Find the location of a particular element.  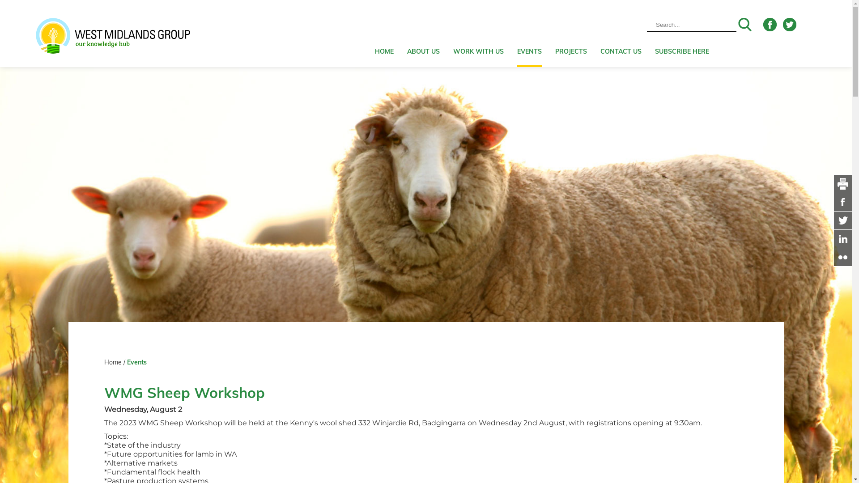

'PROJECTS' is located at coordinates (570, 33).